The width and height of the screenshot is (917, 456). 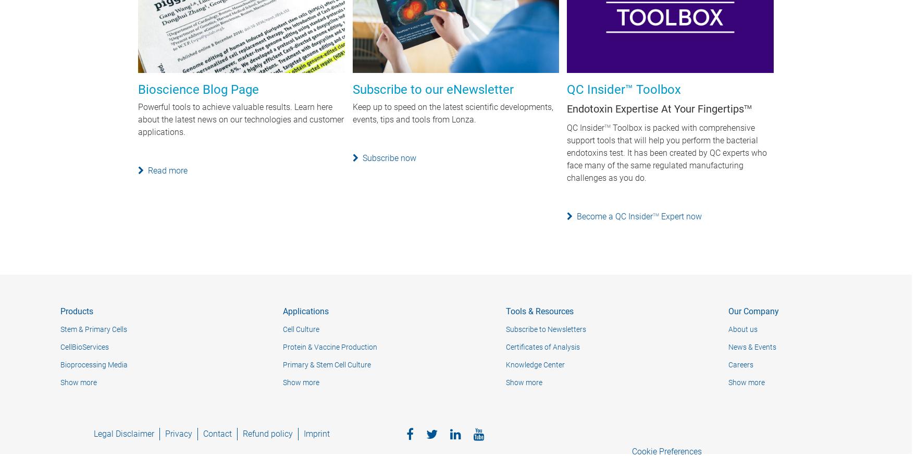 I want to click on 'Our Company', so click(x=753, y=311).